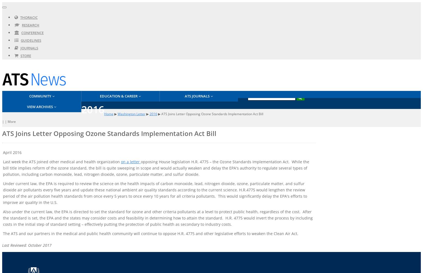 The width and height of the screenshot is (423, 273). Describe the element at coordinates (156, 167) in the screenshot. I see `'opposing House legislation H.R. 4775 – the Ozone Standards Implementation Act.  While the bill title implies reform of the ozone standard, the bill is quite sweeping in scope and would actually weaken and delay the EPA's authority to regulate several types of pollution, including carbon monoxide, lead, nitrogen dioxide, ozone, particulate matter, and sulfur dioxide.'` at that location.